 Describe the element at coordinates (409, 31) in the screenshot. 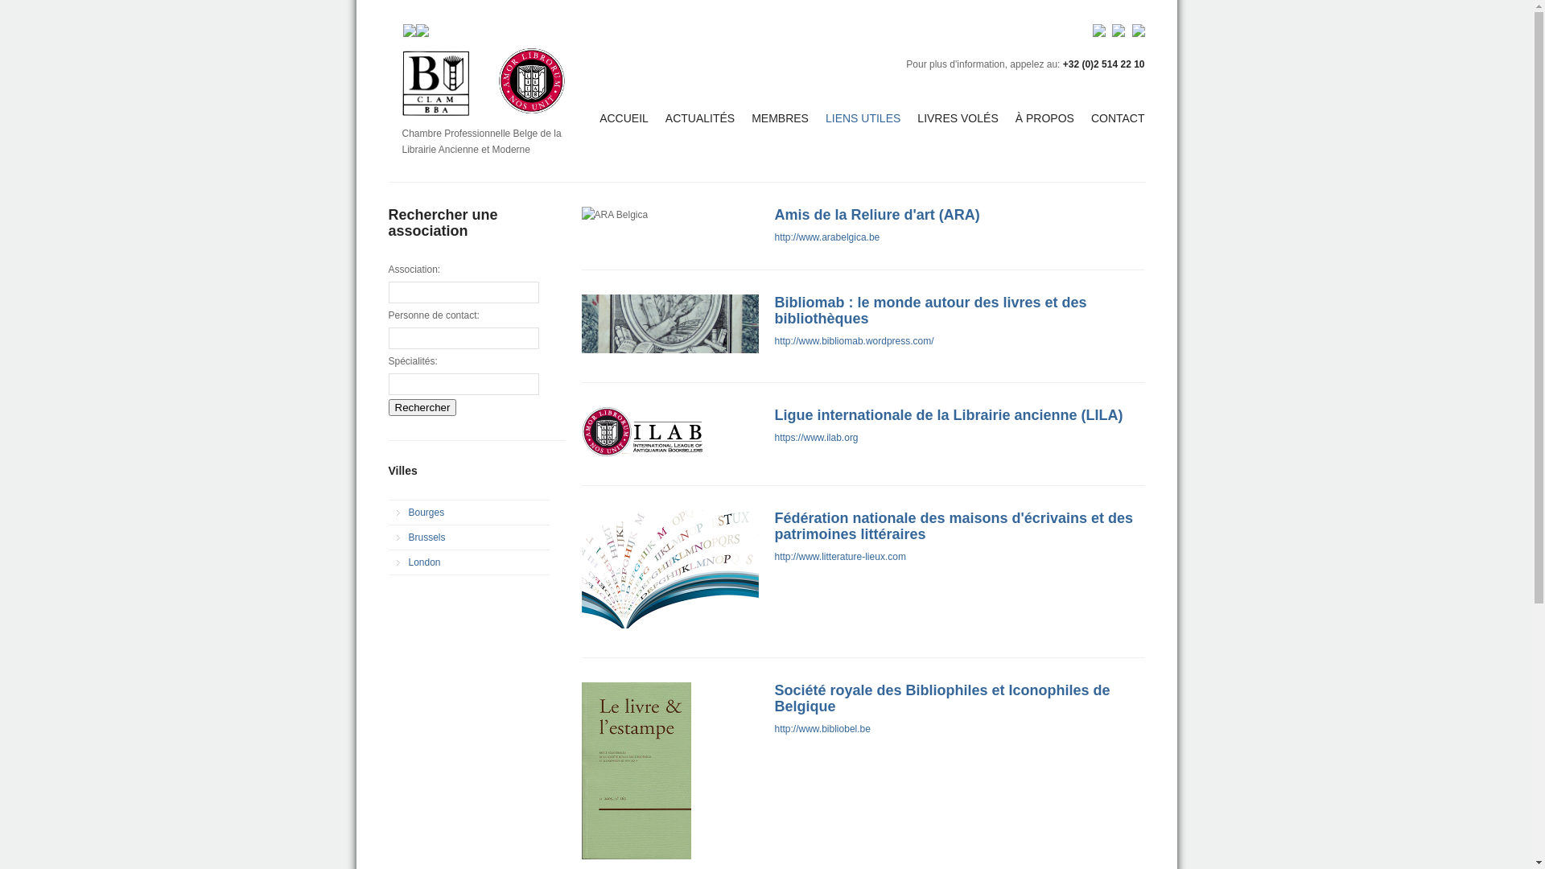

I see `'Facebook'` at that location.